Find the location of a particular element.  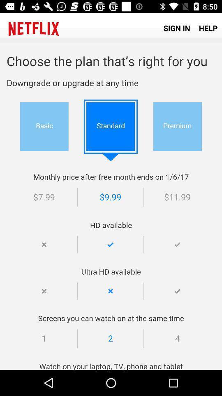

plan is located at coordinates (111, 206).